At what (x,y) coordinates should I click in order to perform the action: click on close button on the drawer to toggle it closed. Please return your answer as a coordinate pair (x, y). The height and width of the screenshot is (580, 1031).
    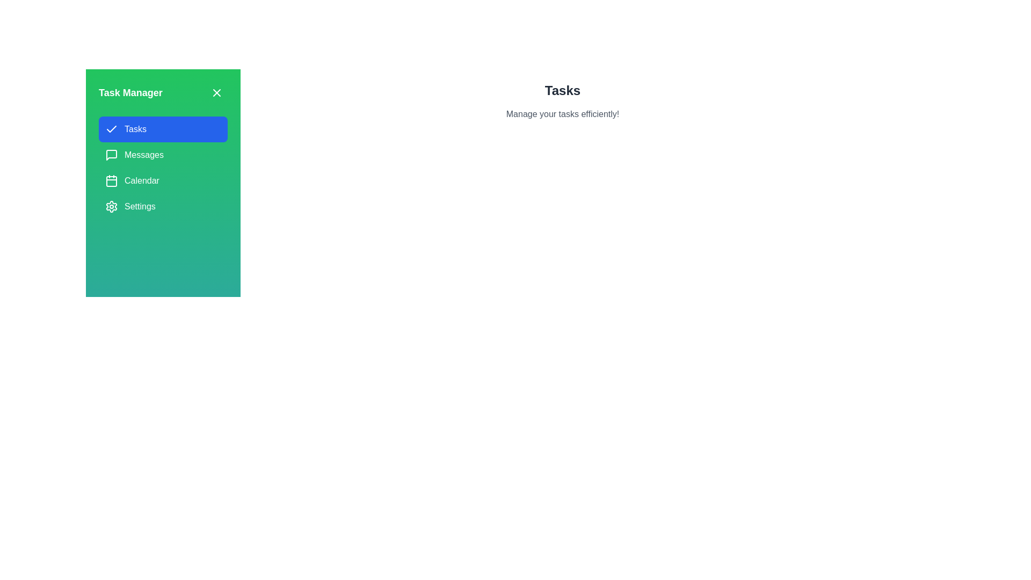
    Looking at the image, I should click on (216, 92).